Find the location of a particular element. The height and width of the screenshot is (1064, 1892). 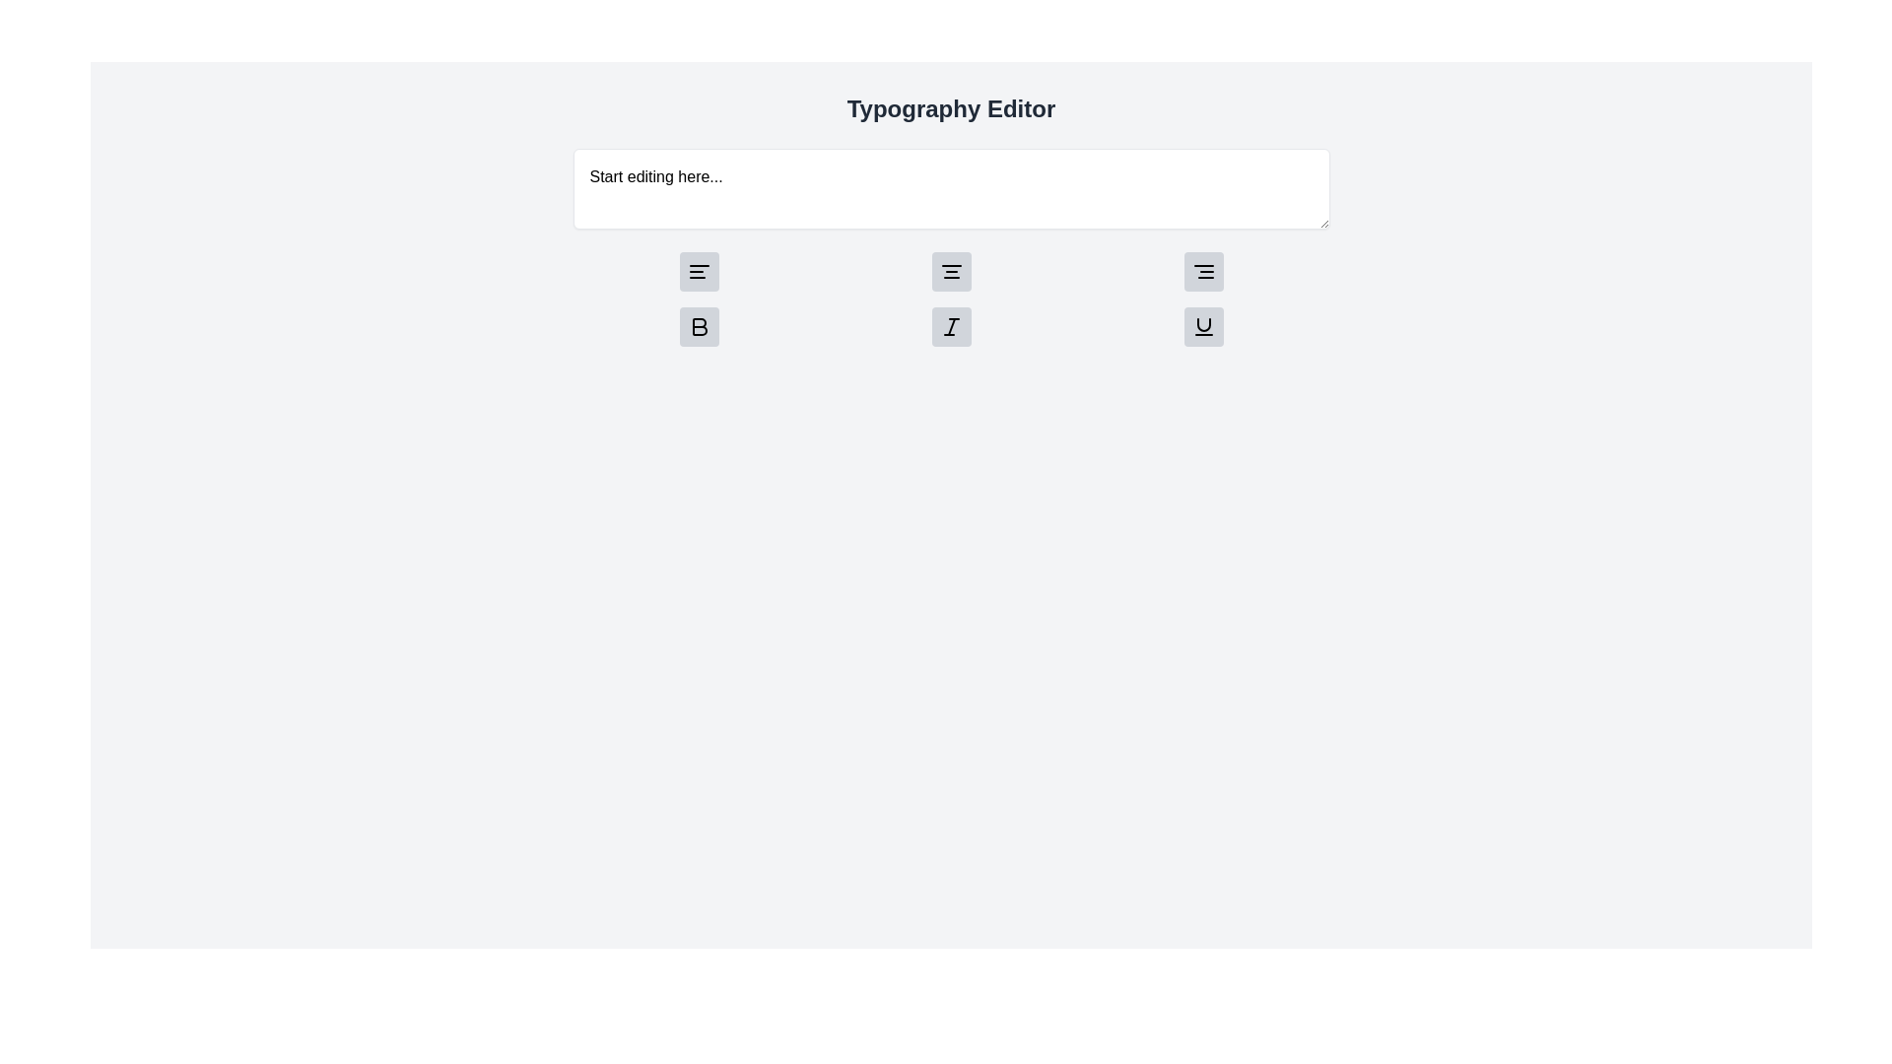

the button with a text alignment icon, which consists of three horizontal lines is located at coordinates (951, 272).